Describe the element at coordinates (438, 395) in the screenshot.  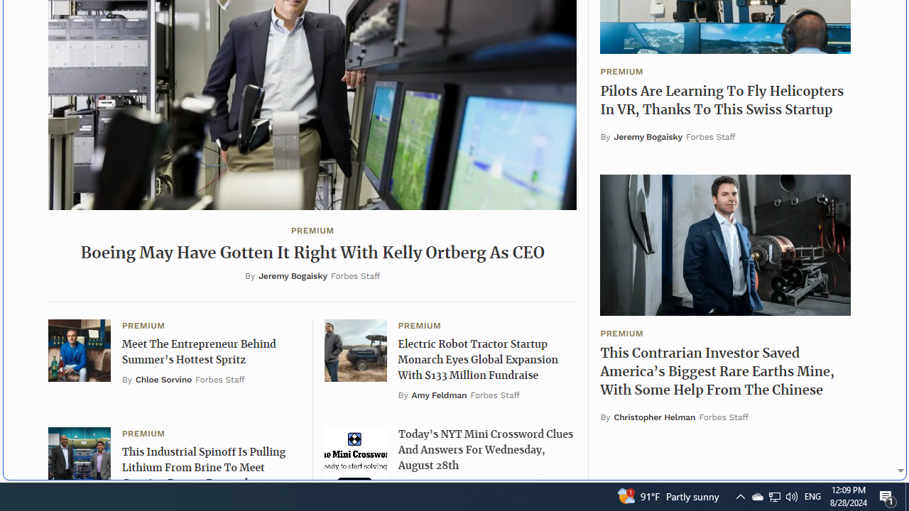
I see `'Amy Feldman'` at that location.